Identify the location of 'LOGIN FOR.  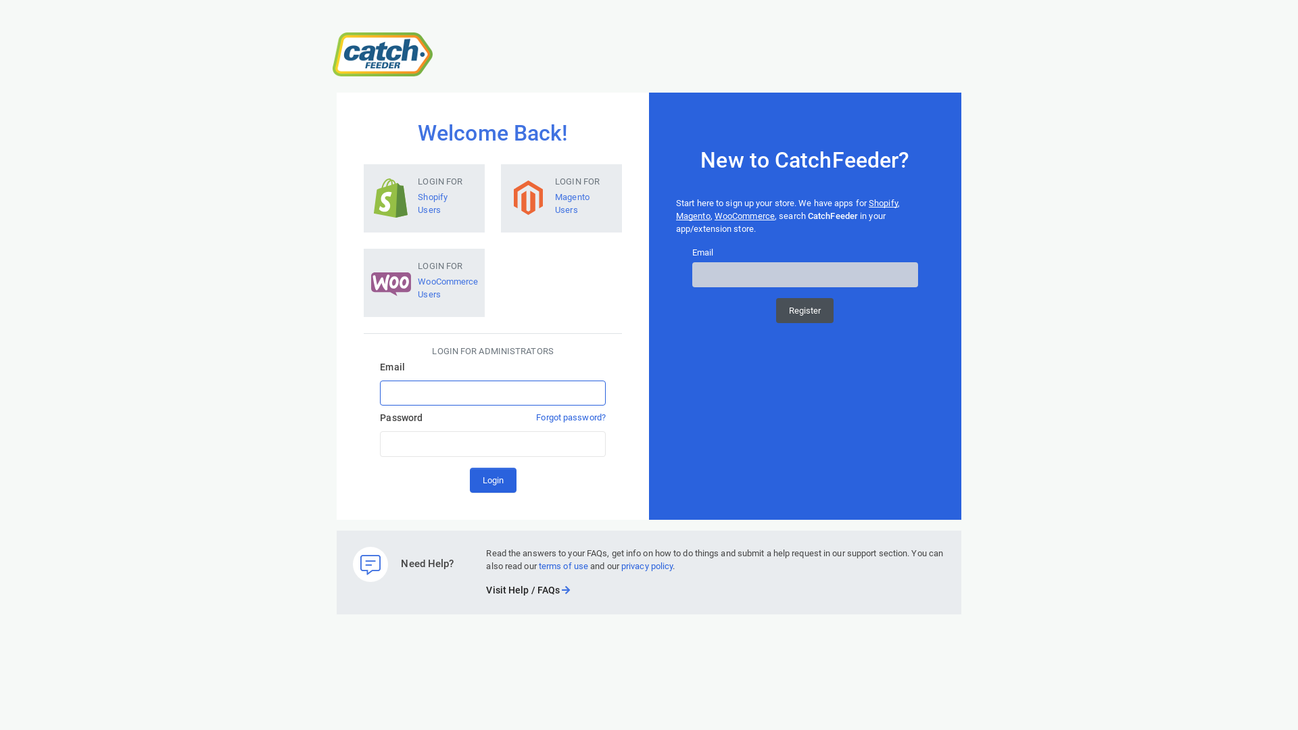
(423, 195).